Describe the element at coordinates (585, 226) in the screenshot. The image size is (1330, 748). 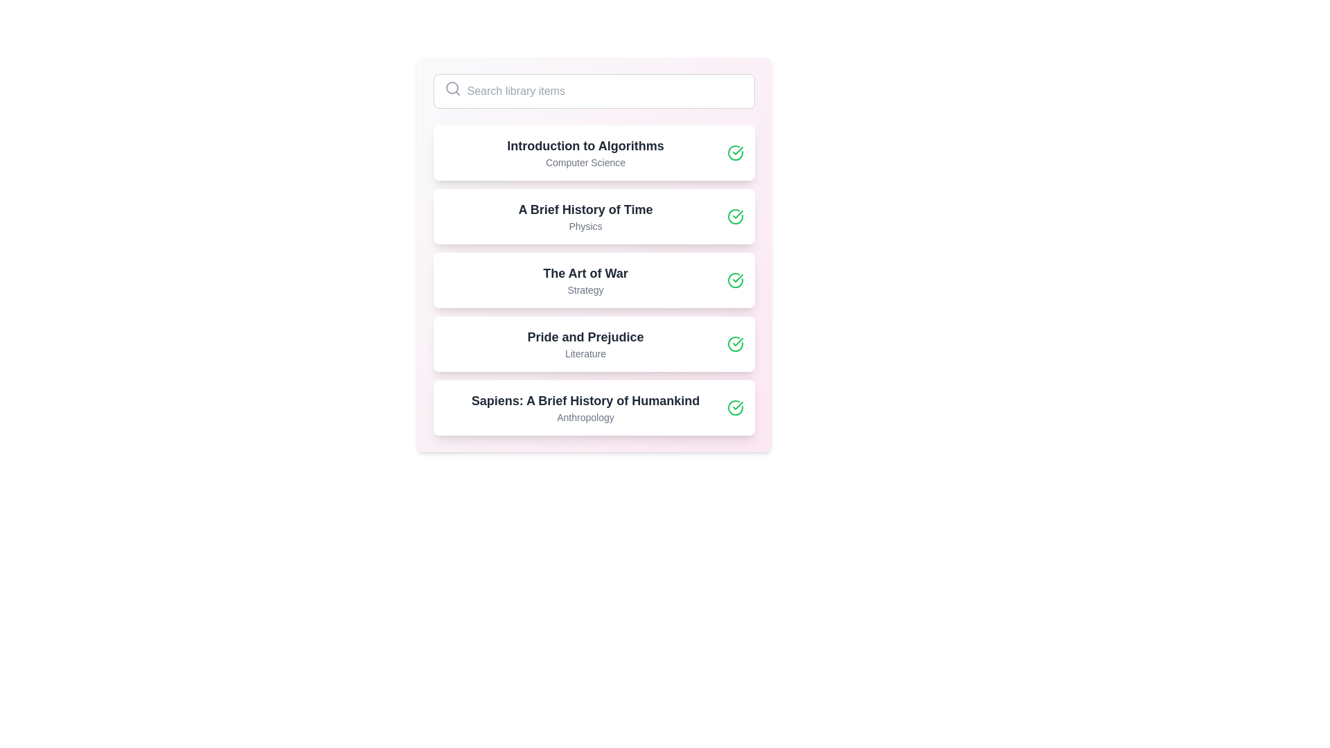
I see `the subtitle text label located below the title 'A Brief History of Time' in the second item of the list` at that location.